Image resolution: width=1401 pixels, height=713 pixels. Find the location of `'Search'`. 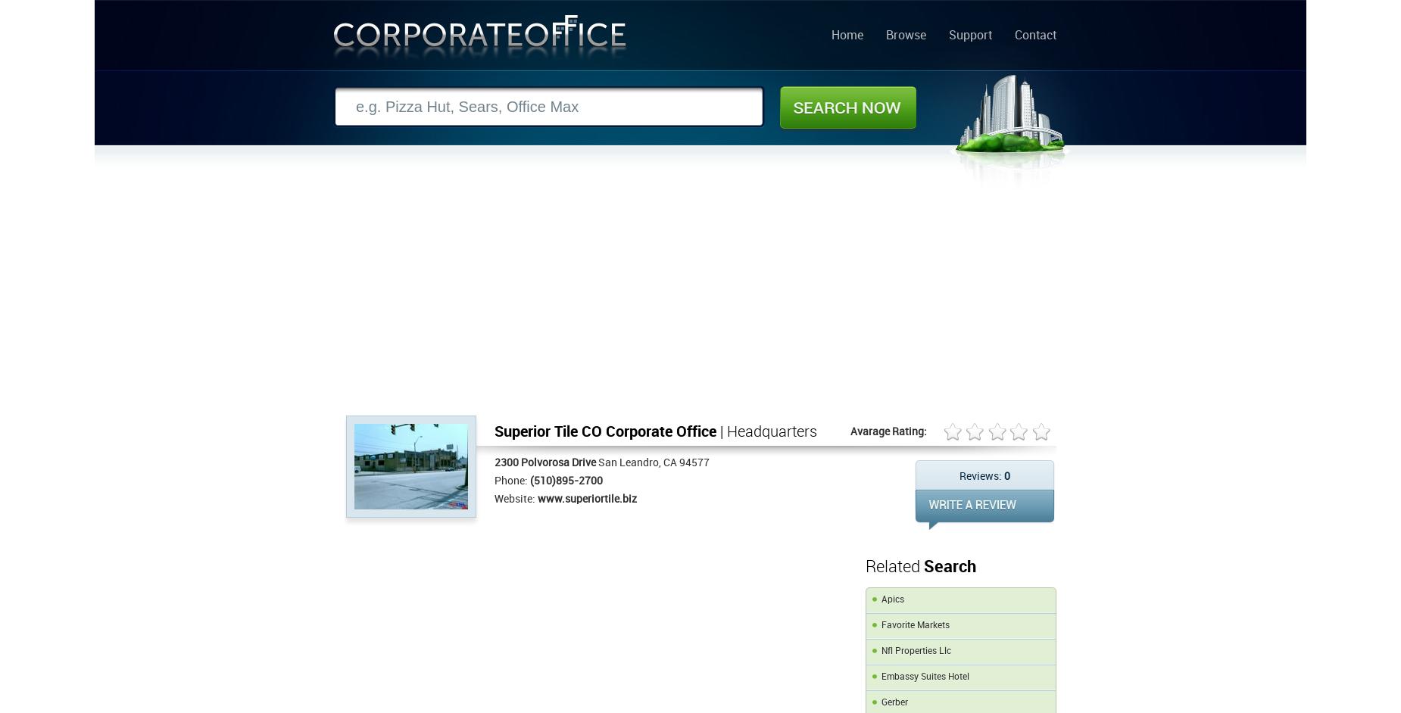

'Search' is located at coordinates (949, 566).